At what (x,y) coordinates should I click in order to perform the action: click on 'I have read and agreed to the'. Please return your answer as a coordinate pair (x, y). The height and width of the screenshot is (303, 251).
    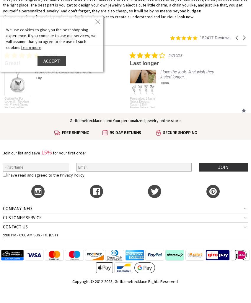
    Looking at the image, I should click on (33, 174).